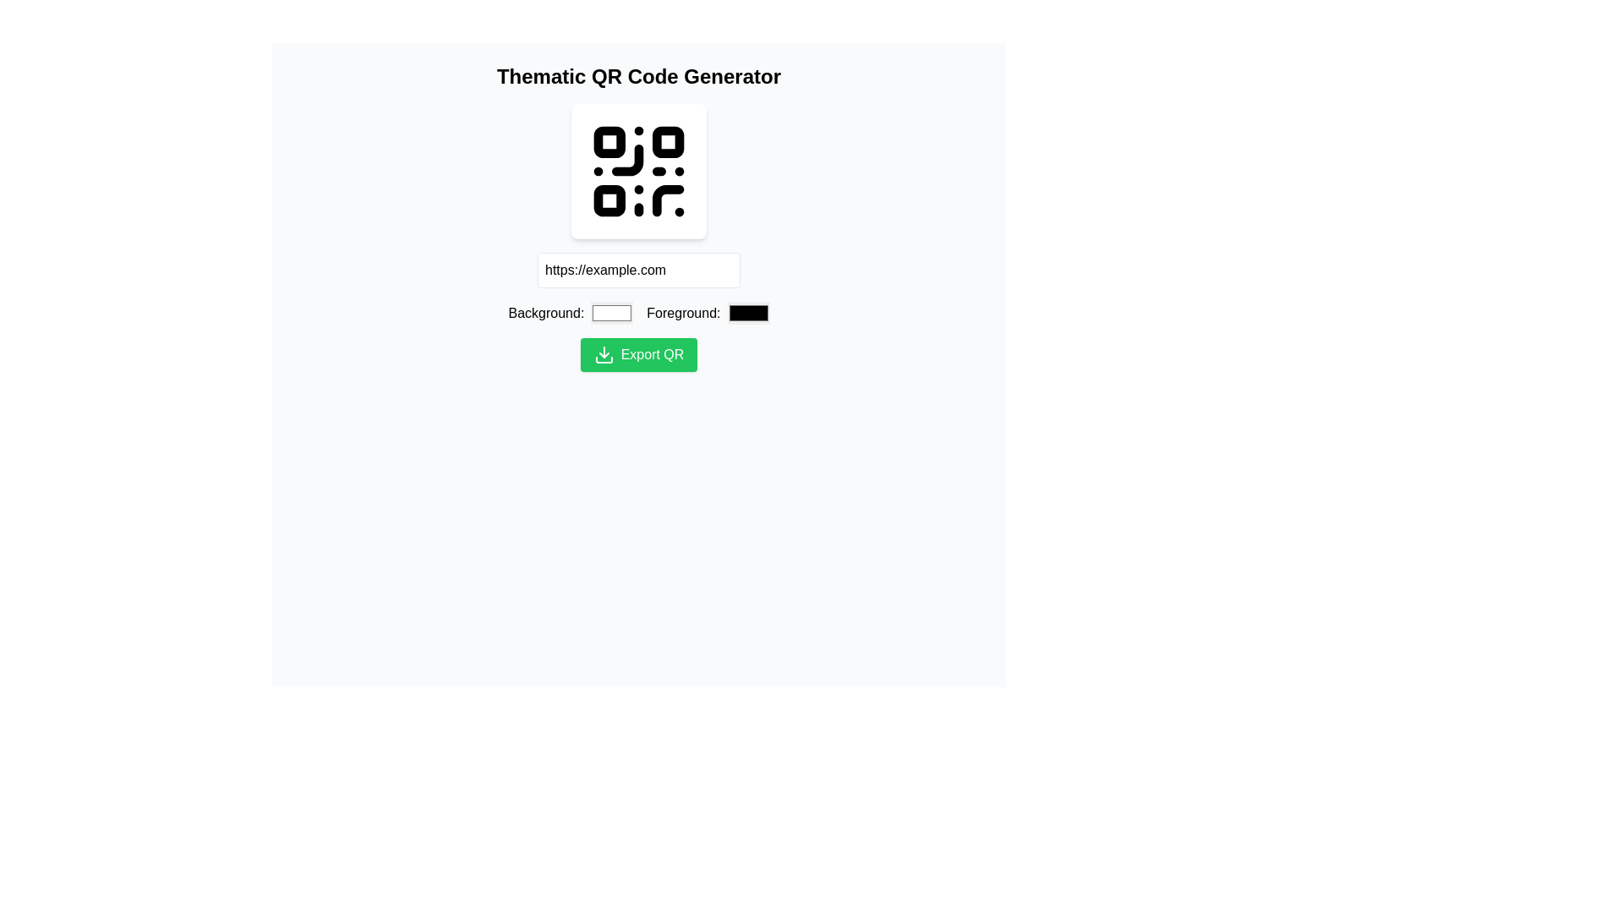 The width and height of the screenshot is (1623, 913). Describe the element at coordinates (637, 270) in the screenshot. I see `the URL input text field, located directly below the QR code graphic` at that location.